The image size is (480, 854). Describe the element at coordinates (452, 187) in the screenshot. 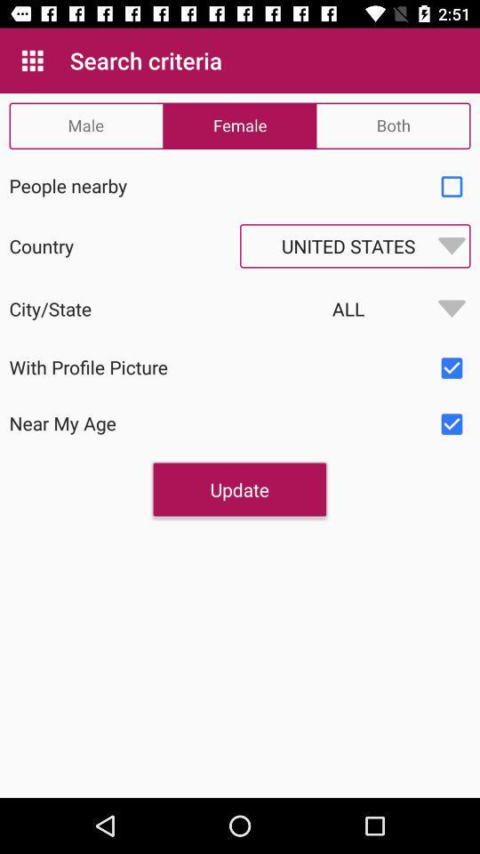

I see `the item next to the people nearby icon` at that location.